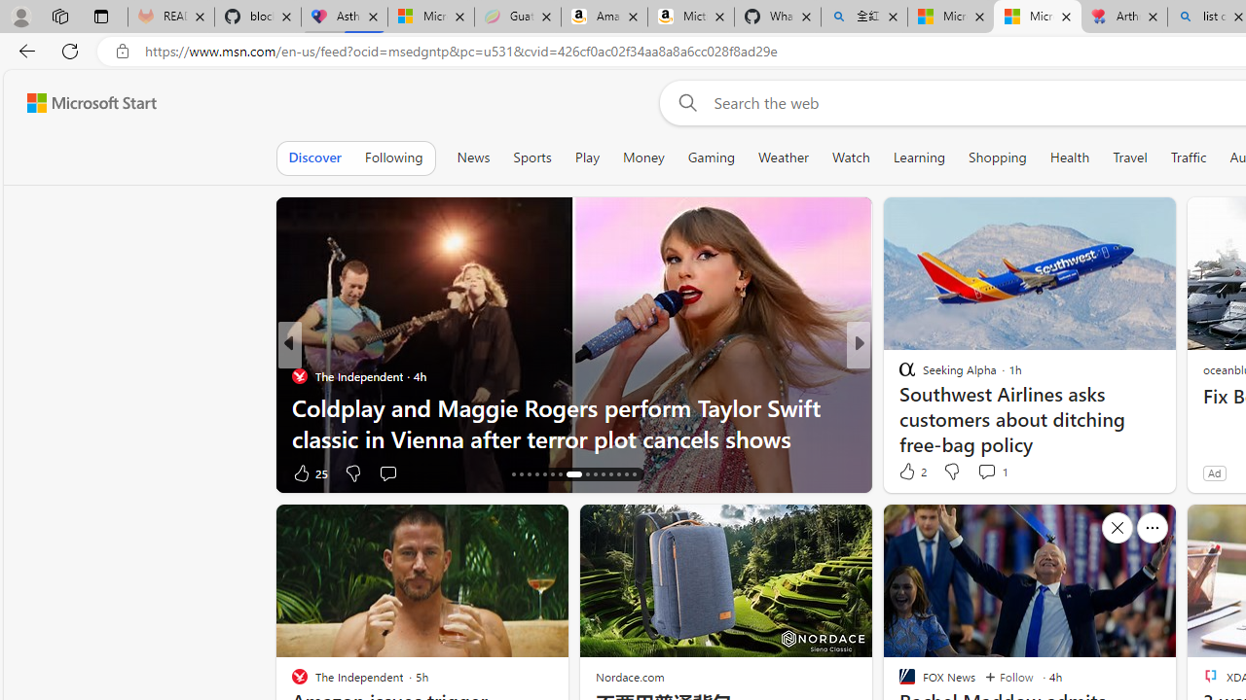 The height and width of the screenshot is (700, 1246). I want to click on 'Gaming', so click(710, 157).